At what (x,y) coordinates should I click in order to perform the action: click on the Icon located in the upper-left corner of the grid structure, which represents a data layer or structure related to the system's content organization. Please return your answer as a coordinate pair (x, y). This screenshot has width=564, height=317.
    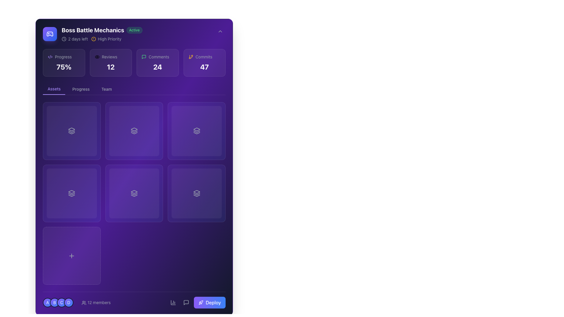
    Looking at the image, I should click on (71, 129).